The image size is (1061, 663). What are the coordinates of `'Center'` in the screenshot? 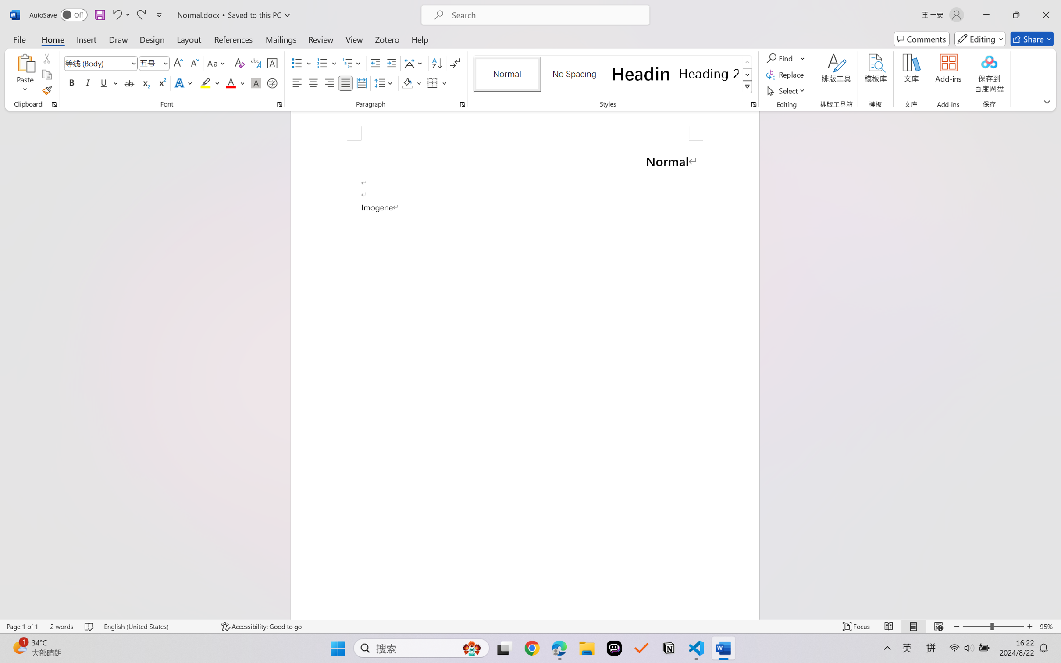 It's located at (313, 82).